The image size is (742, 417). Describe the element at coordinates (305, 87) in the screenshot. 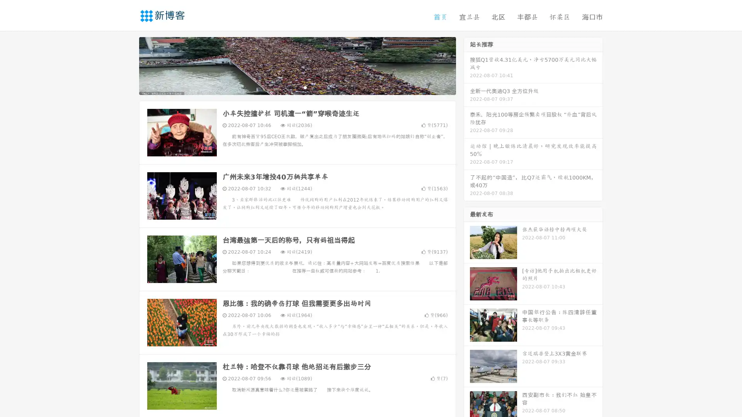

I see `Go to slide 3` at that location.